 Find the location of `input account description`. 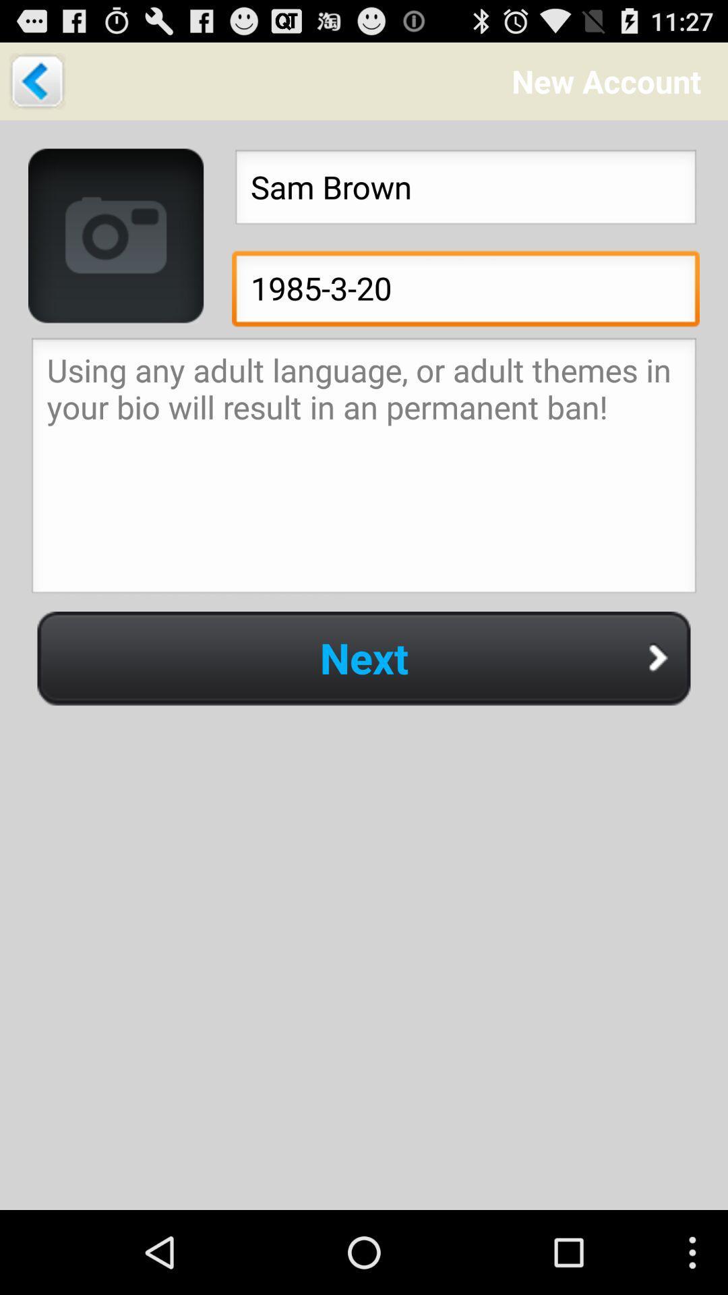

input account description is located at coordinates (364, 469).